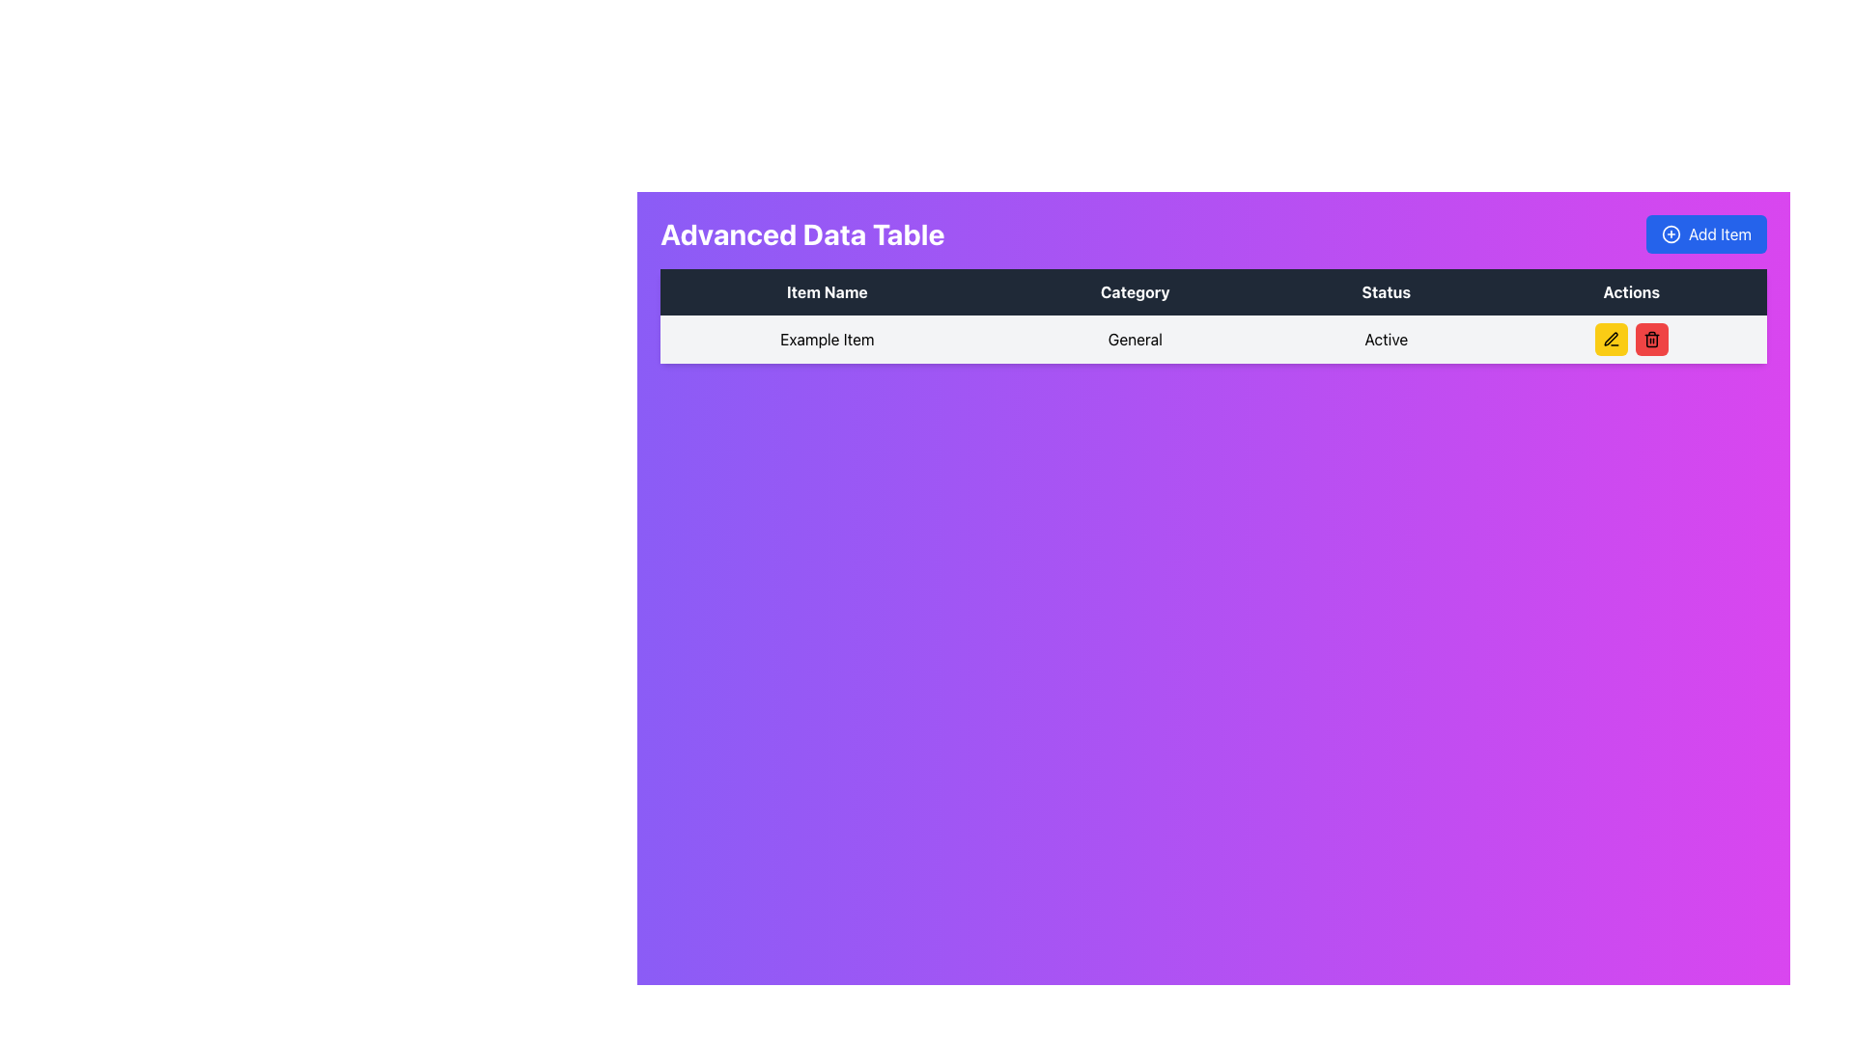 This screenshot has height=1042, width=1854. I want to click on the 'Add Item' button which contains the small circular plus icon located in the top-right corner of the interface, so click(1671, 233).